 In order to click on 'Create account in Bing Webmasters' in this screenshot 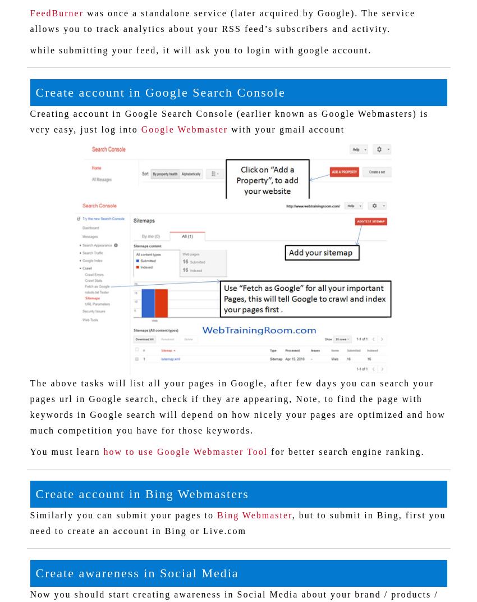, I will do `click(35, 494)`.